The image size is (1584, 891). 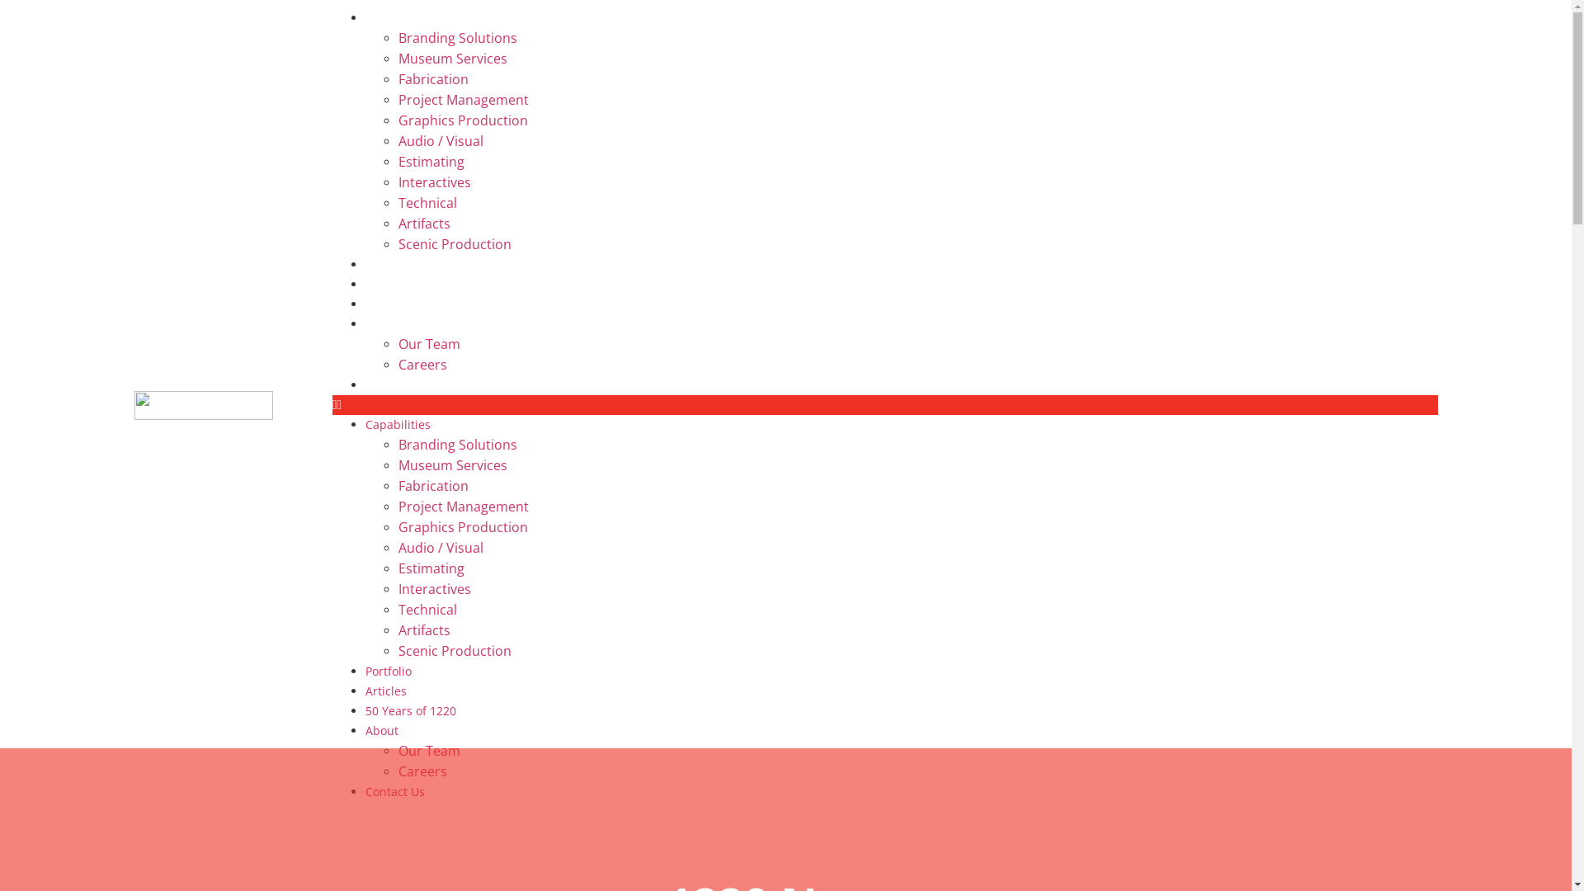 I want to click on 'Articles', so click(x=384, y=691).